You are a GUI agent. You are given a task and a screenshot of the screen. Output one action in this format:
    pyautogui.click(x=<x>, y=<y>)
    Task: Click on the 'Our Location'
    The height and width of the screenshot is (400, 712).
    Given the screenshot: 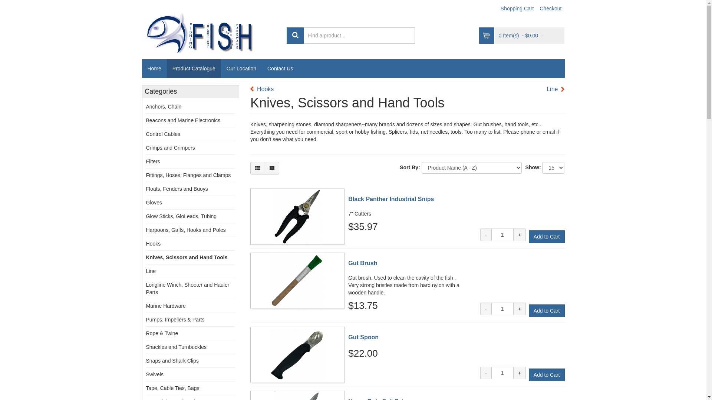 What is the action you would take?
    pyautogui.click(x=241, y=69)
    